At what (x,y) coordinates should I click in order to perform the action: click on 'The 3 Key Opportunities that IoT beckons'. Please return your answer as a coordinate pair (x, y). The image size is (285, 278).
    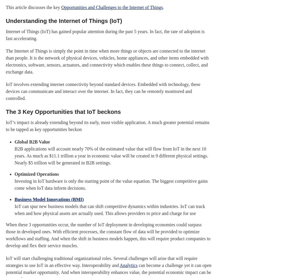
    Looking at the image, I should click on (63, 112).